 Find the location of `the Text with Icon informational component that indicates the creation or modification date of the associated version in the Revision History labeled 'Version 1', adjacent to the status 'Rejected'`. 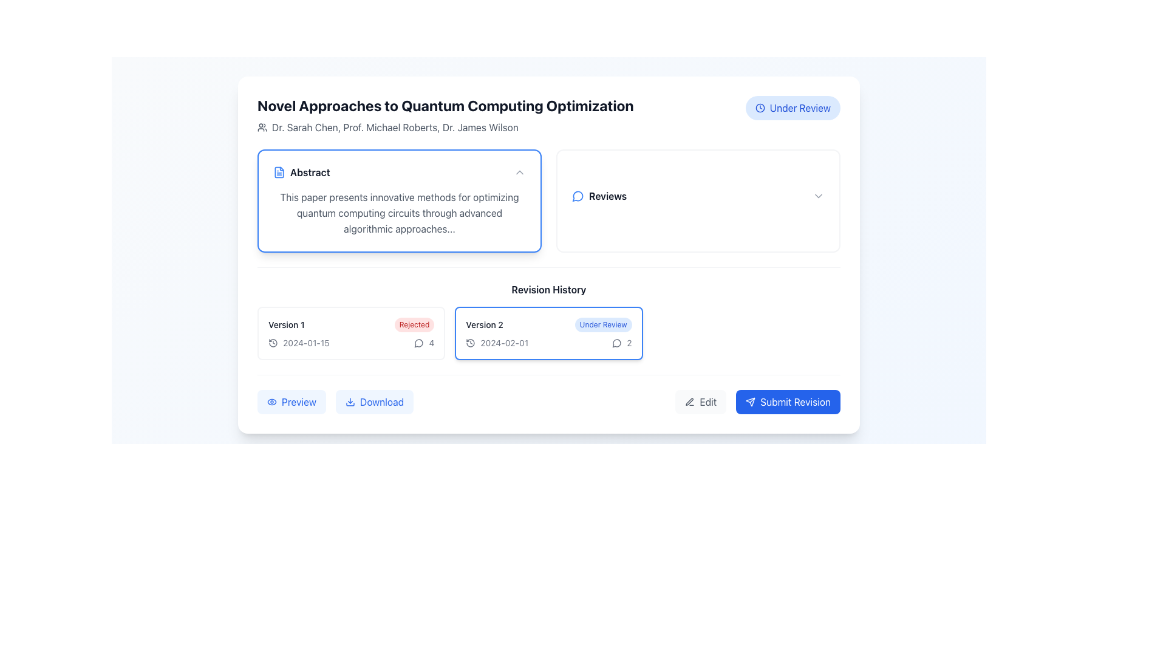

the Text with Icon informational component that indicates the creation or modification date of the associated version in the Revision History labeled 'Version 1', adjacent to the status 'Rejected' is located at coordinates (299, 343).